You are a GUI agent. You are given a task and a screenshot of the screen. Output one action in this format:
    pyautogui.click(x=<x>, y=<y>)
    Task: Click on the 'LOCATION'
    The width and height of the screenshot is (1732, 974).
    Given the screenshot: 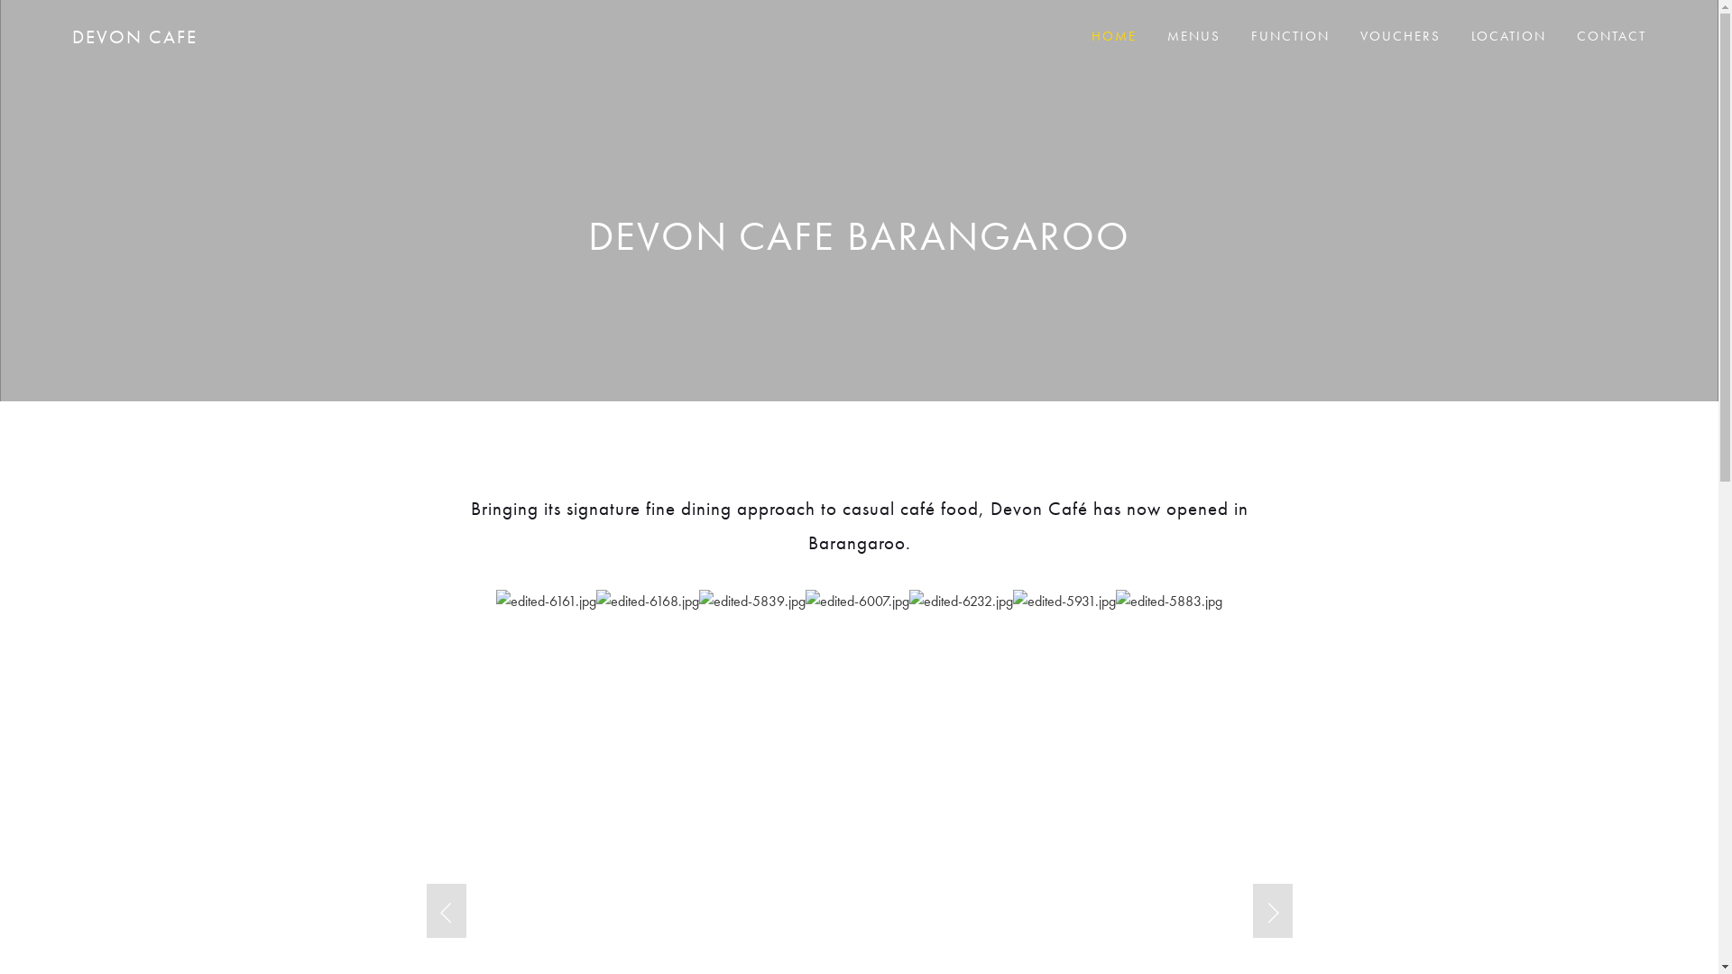 What is the action you would take?
    pyautogui.click(x=1508, y=35)
    